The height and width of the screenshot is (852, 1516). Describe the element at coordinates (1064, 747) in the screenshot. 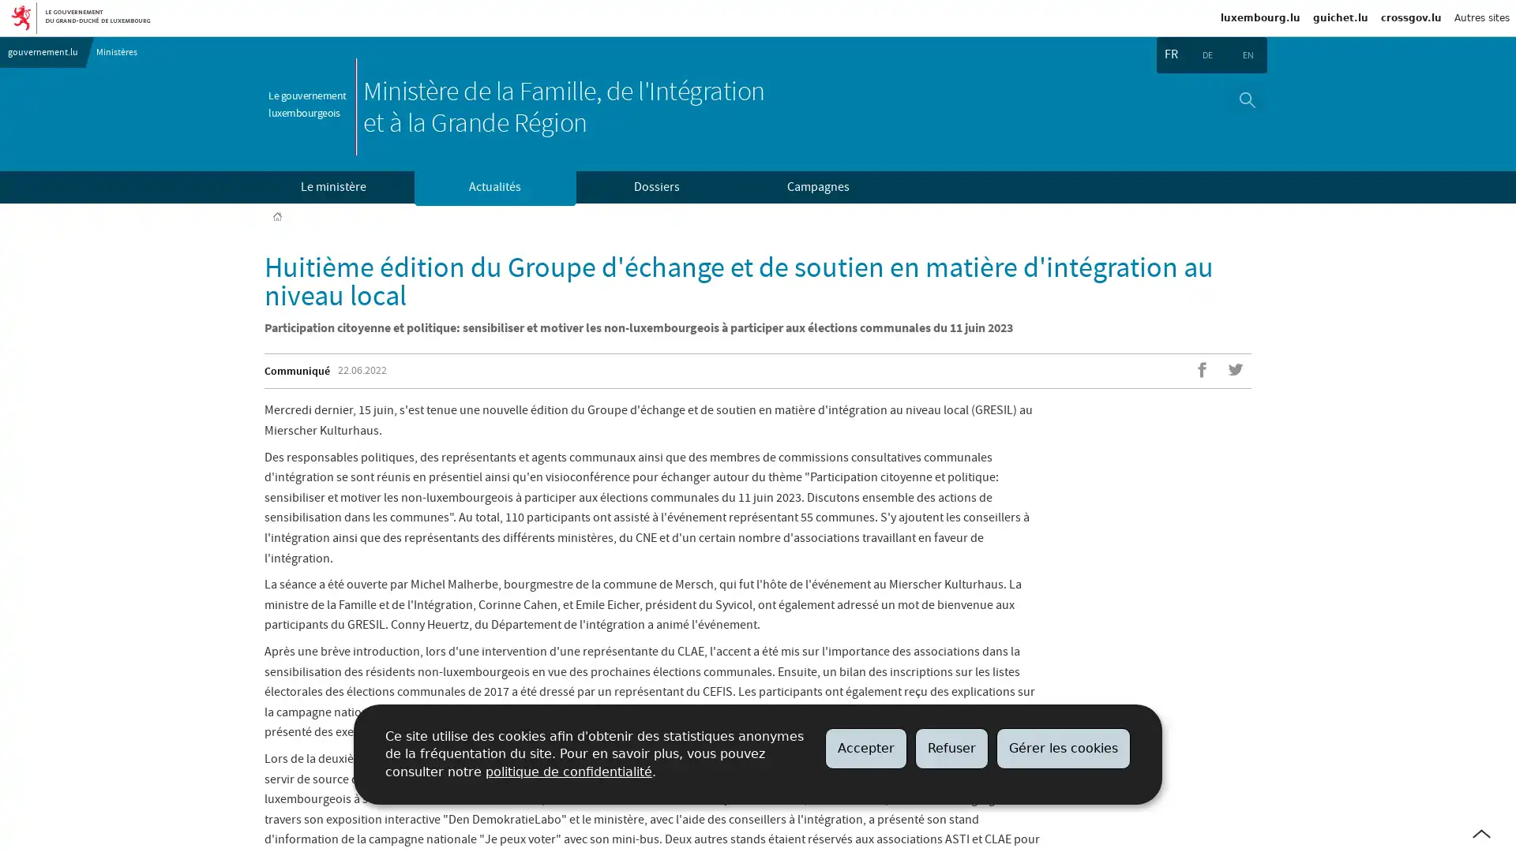

I see `Gerer les cookies` at that location.